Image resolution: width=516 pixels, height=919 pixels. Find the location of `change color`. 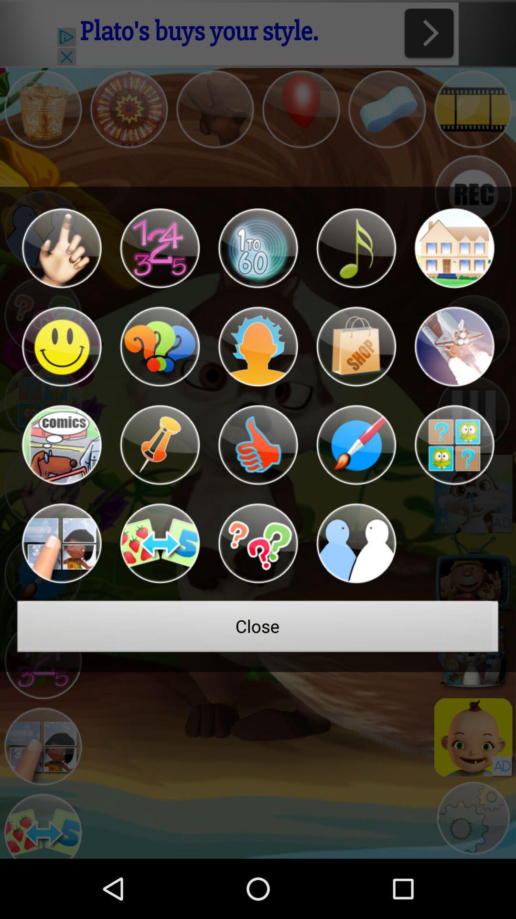

change color is located at coordinates (356, 445).